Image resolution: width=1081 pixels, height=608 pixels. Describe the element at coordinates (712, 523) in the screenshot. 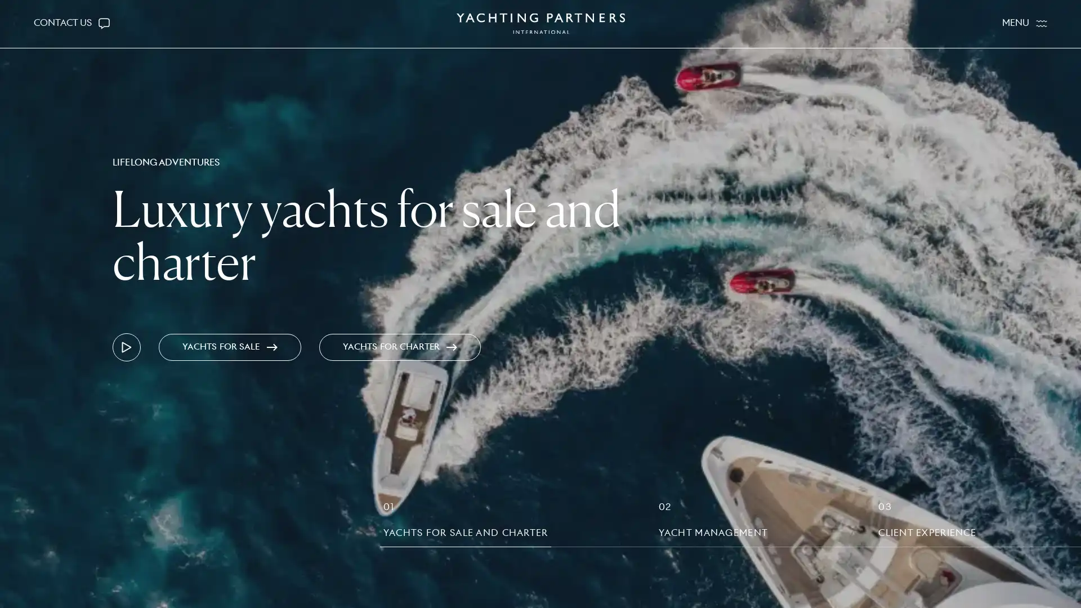

I see `02 YACHT MANAGEMENT` at that location.